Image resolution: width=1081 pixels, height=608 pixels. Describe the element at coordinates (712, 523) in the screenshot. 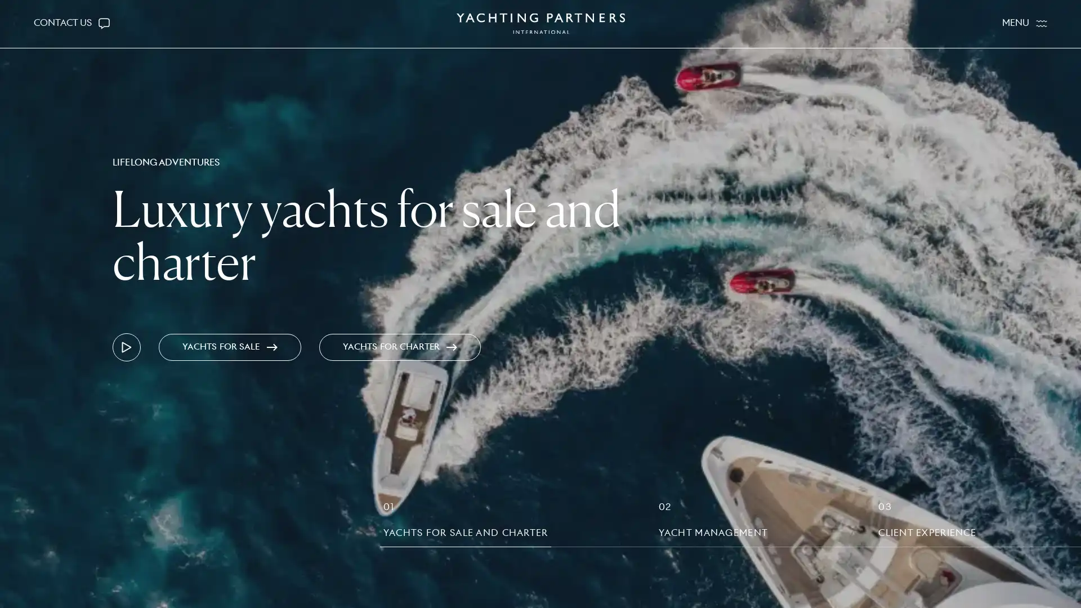

I see `02 YACHT MANAGEMENT` at that location.